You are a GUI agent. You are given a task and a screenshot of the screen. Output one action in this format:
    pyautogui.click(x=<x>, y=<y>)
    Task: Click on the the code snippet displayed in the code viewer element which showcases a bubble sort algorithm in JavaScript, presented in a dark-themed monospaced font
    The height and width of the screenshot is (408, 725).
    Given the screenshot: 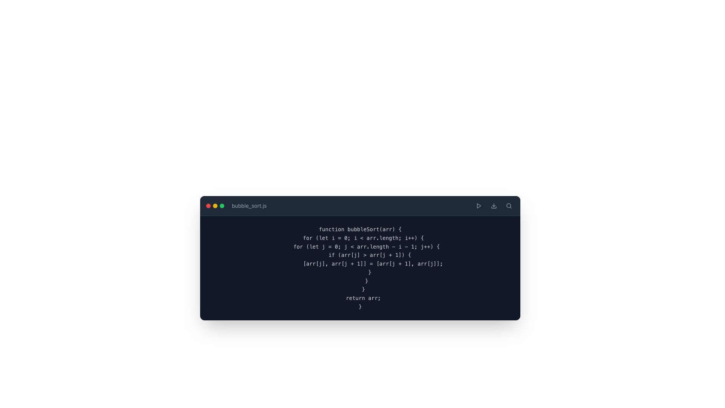 What is the action you would take?
    pyautogui.click(x=360, y=267)
    